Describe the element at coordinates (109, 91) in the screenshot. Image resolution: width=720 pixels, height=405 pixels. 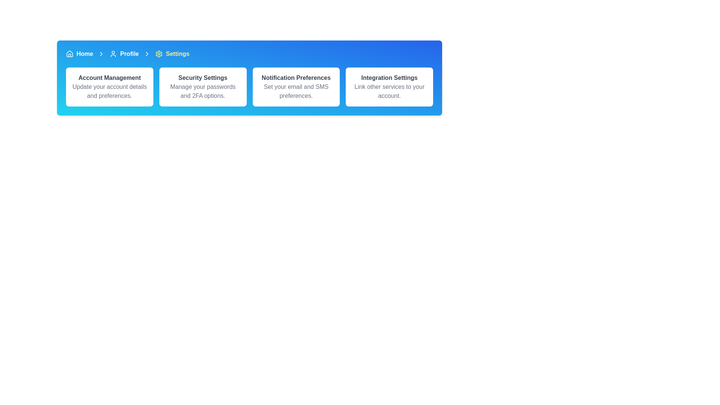
I see `the text element displaying 'Update your account details and preferences.' which is styled in gray and located below the 'Account Management' title within a white card` at that location.